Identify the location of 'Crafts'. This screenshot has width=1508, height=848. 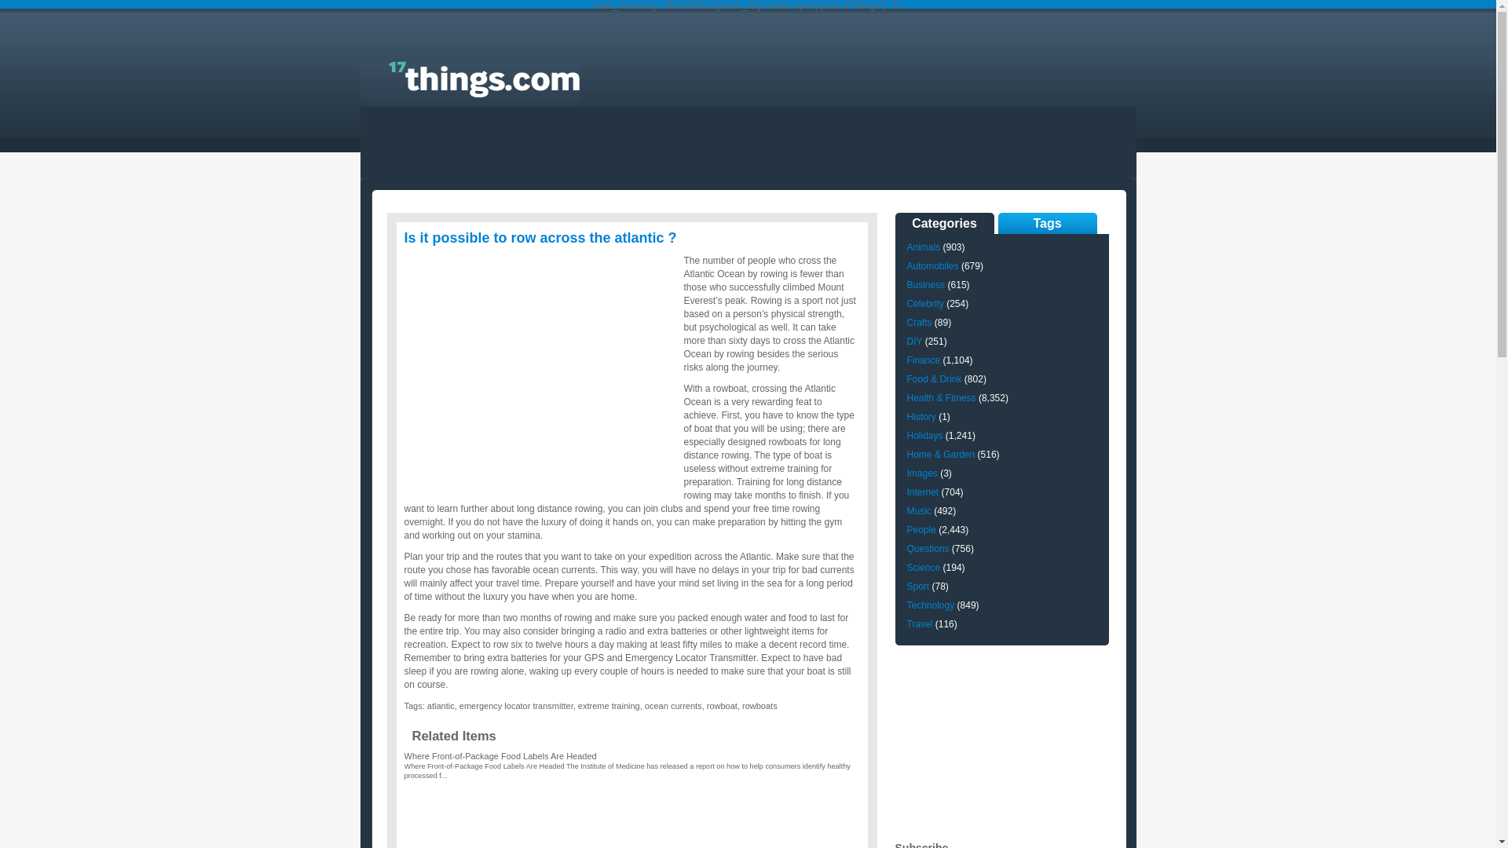
(919, 322).